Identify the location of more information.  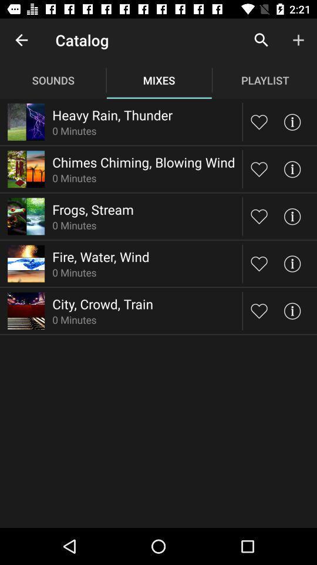
(291, 168).